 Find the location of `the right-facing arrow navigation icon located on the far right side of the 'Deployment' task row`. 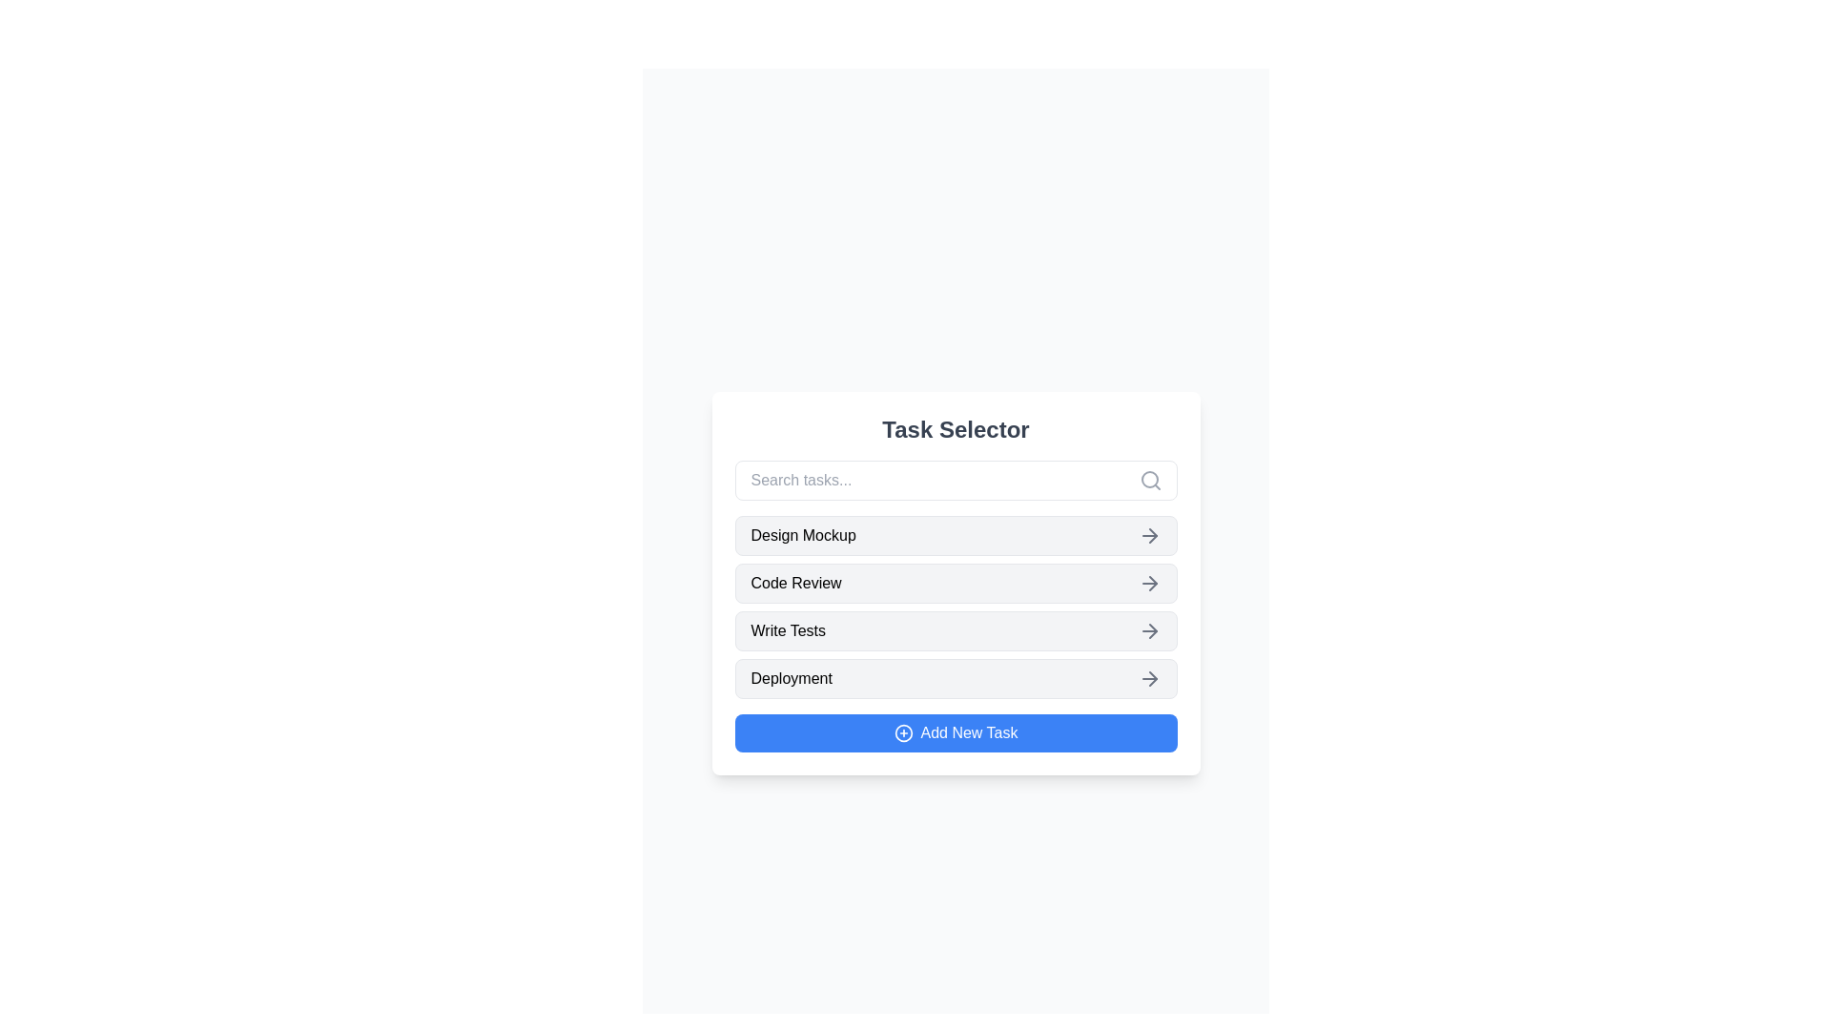

the right-facing arrow navigation icon located on the far right side of the 'Deployment' task row is located at coordinates (1148, 678).